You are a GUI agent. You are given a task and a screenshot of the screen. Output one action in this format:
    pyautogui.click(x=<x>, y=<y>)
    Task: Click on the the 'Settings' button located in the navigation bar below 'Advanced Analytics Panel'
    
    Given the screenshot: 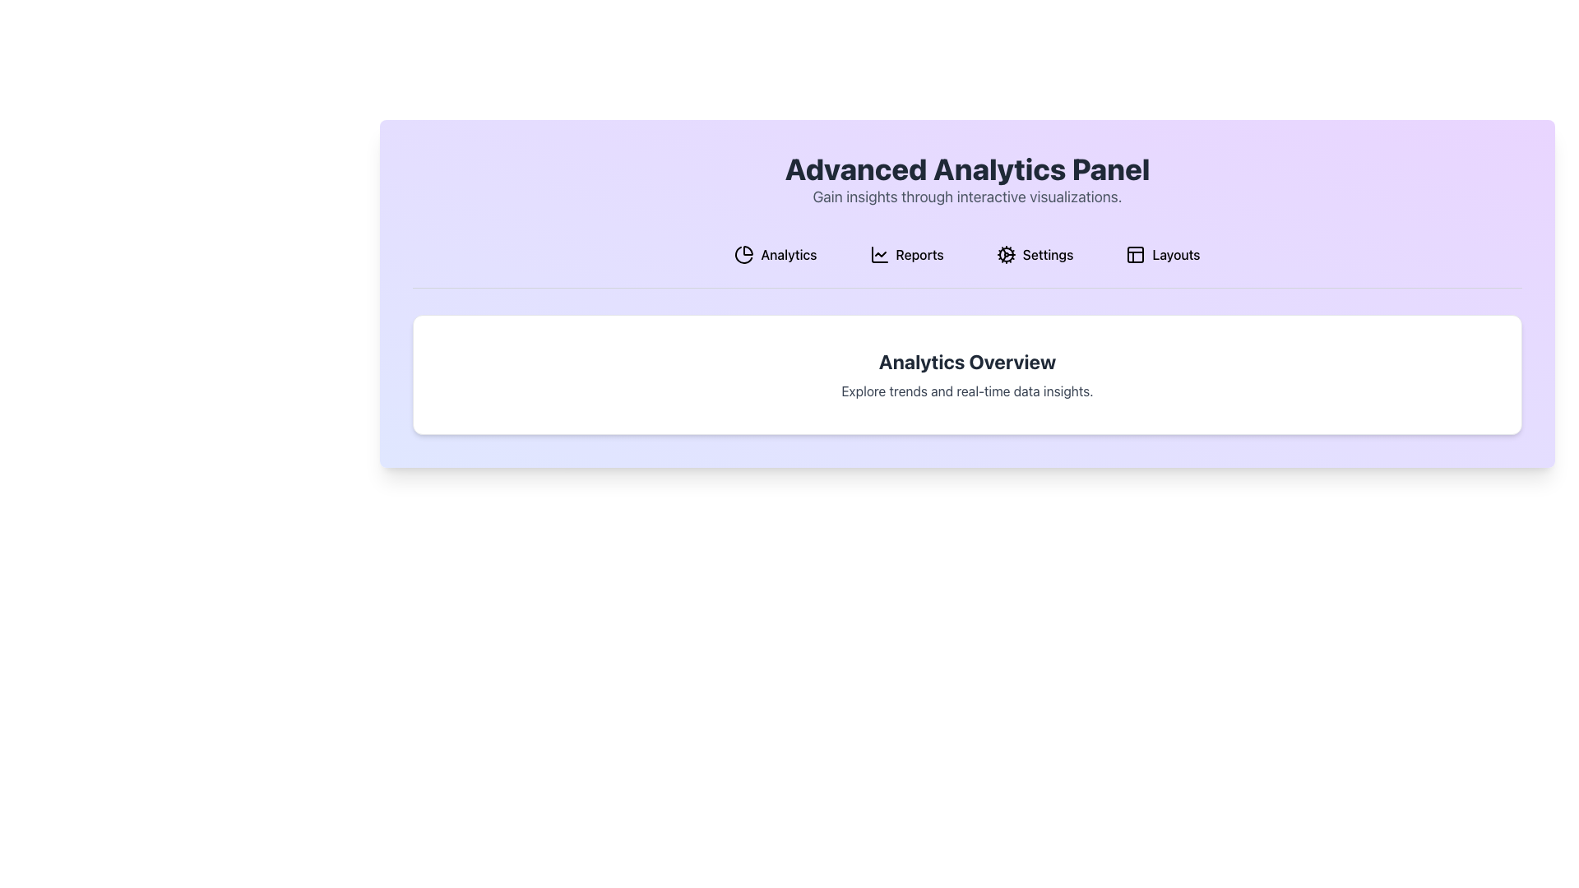 What is the action you would take?
    pyautogui.click(x=1047, y=254)
    